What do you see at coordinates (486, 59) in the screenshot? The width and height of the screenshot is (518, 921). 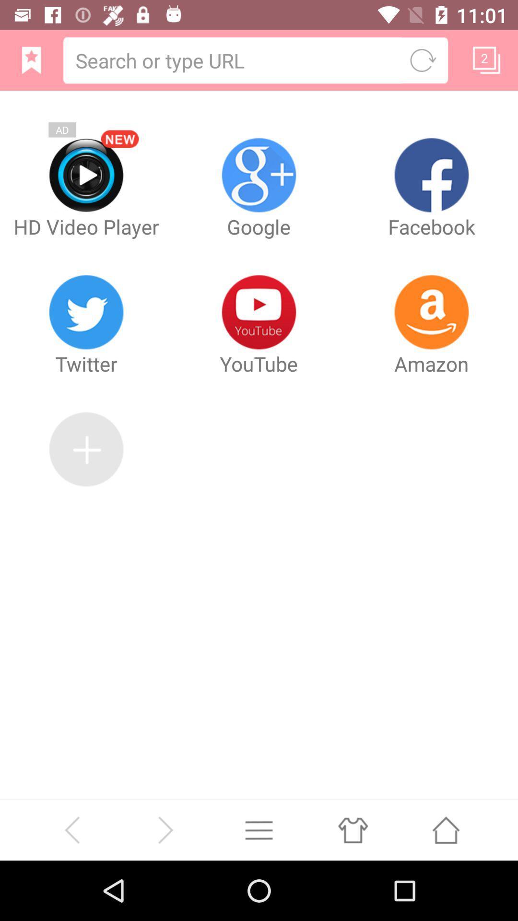 I see `bookmark` at bounding box center [486, 59].